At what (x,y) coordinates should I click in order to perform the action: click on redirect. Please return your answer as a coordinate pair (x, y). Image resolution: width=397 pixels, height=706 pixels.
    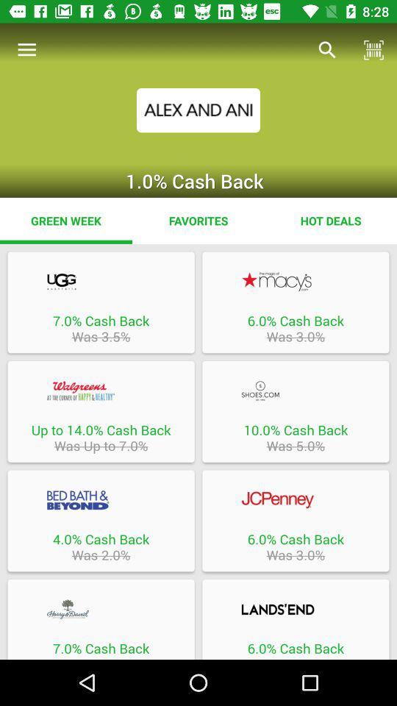
    Looking at the image, I should click on (296, 390).